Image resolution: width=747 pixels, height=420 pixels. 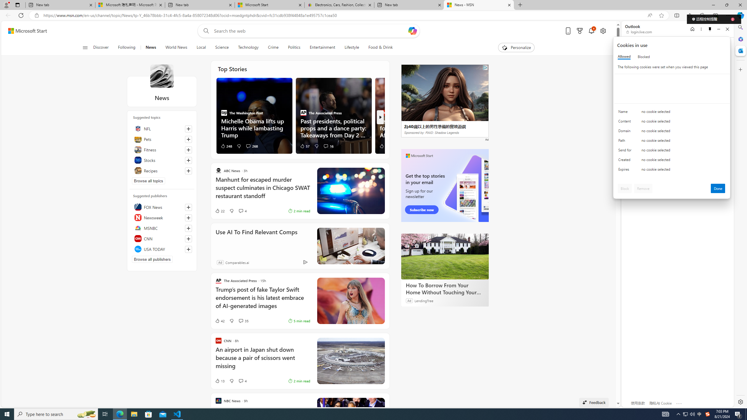 What do you see at coordinates (421, 210) in the screenshot?
I see `'Subscribe now'` at bounding box center [421, 210].